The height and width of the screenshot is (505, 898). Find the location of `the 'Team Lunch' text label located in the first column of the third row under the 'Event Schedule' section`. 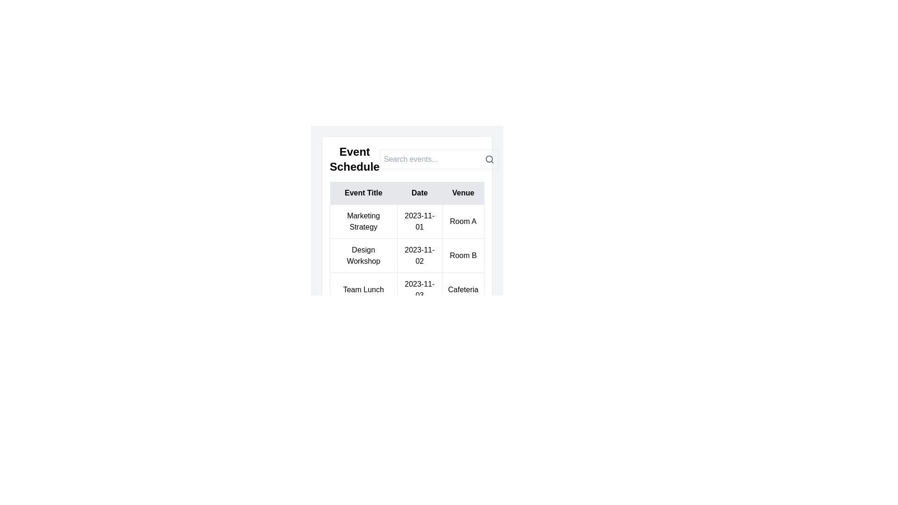

the 'Team Lunch' text label located in the first column of the third row under the 'Event Schedule' section is located at coordinates (363, 289).